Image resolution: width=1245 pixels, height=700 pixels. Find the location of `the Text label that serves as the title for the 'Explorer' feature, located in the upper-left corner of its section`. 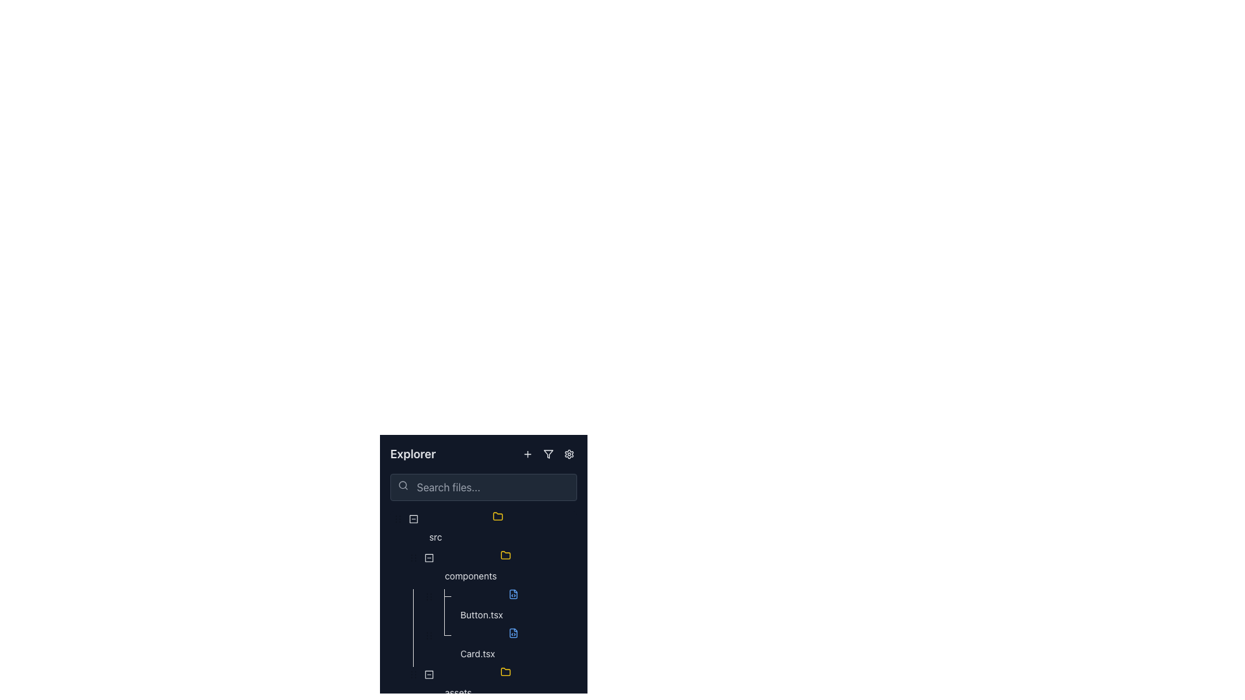

the Text label that serves as the title for the 'Explorer' feature, located in the upper-left corner of its section is located at coordinates (412, 454).